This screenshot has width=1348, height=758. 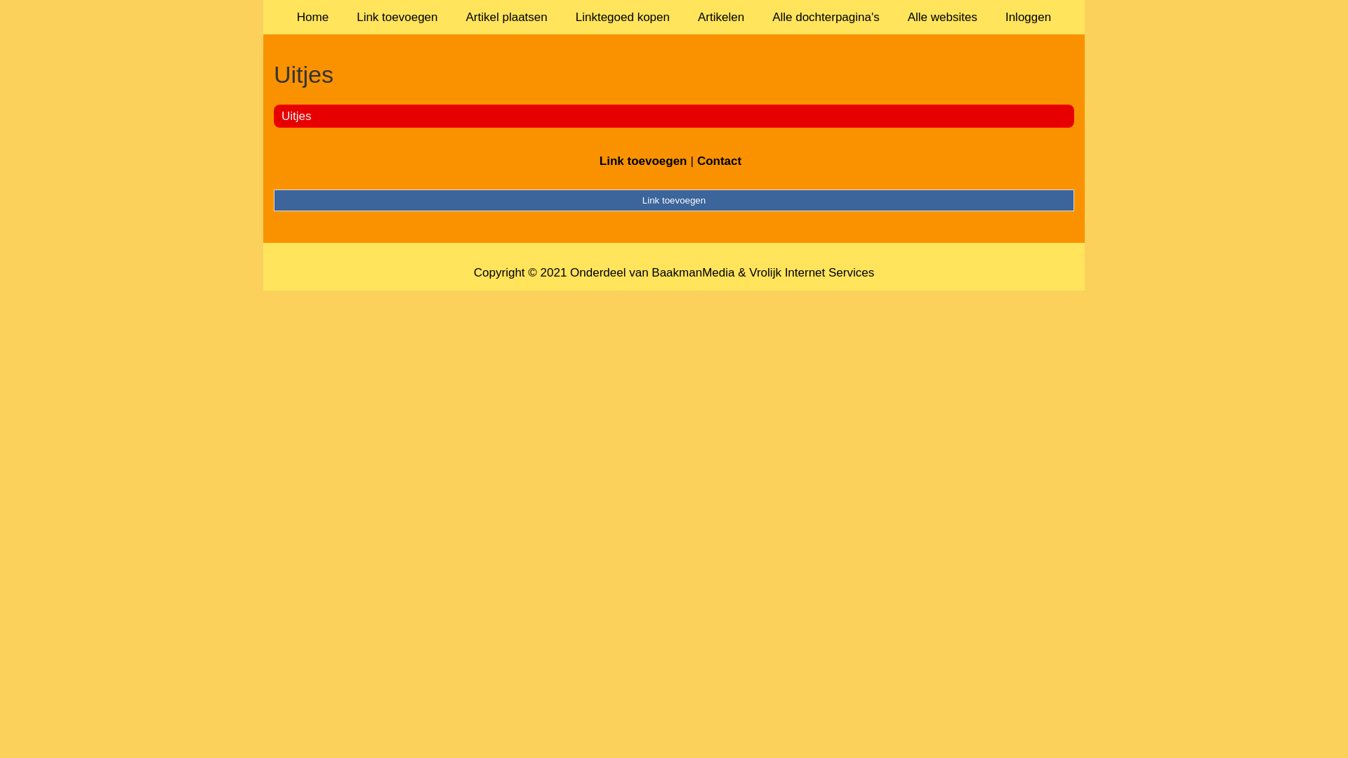 What do you see at coordinates (826, 17) in the screenshot?
I see `'Alle dochterpagina's'` at bounding box center [826, 17].